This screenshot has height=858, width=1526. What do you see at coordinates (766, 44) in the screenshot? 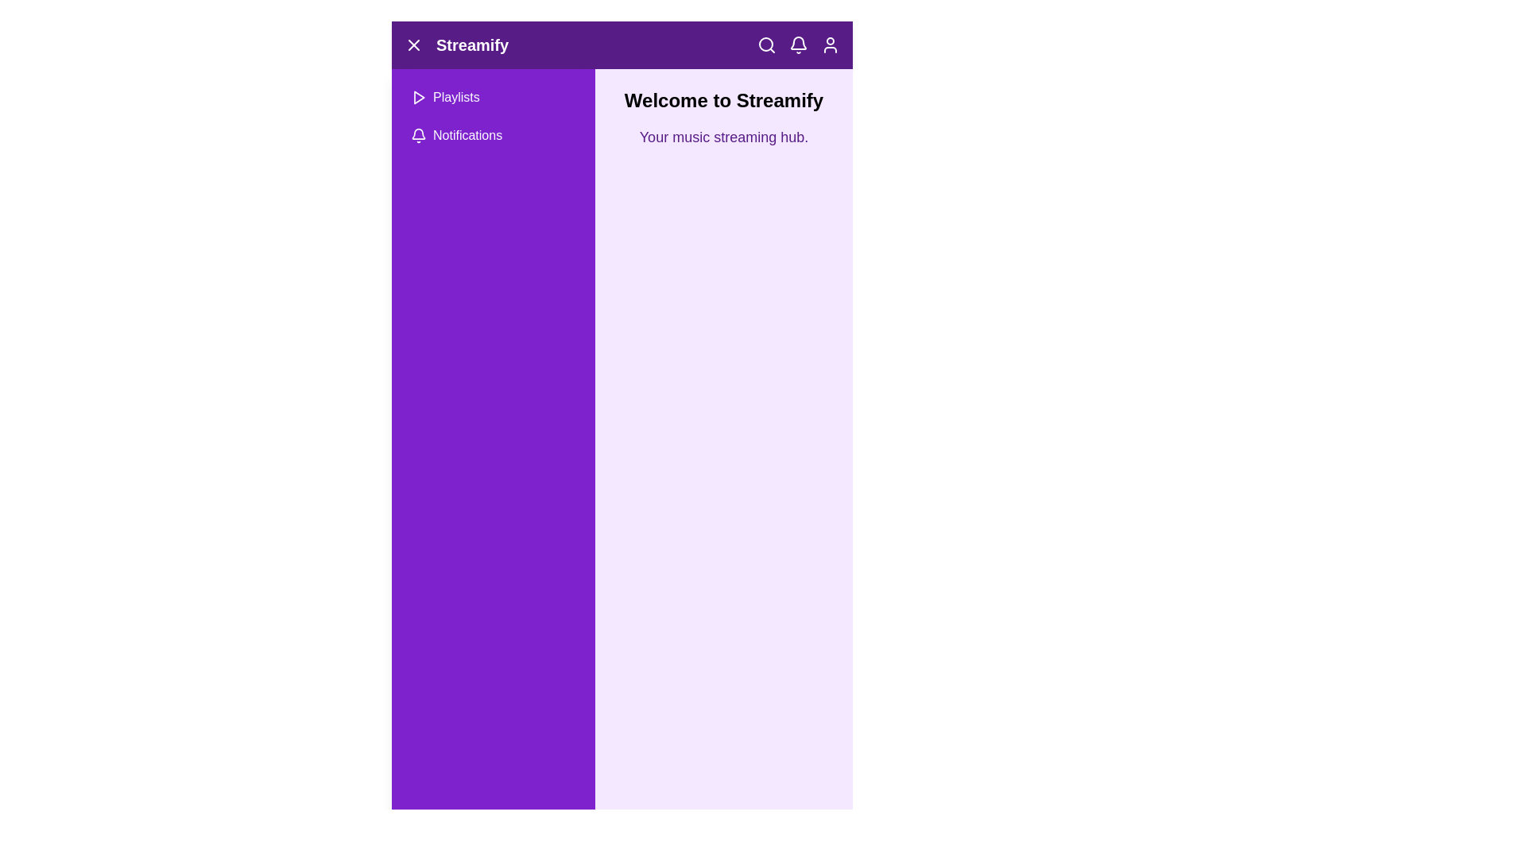
I see `the search button located at the top-right corner of the header bar to initiate a search operation` at bounding box center [766, 44].